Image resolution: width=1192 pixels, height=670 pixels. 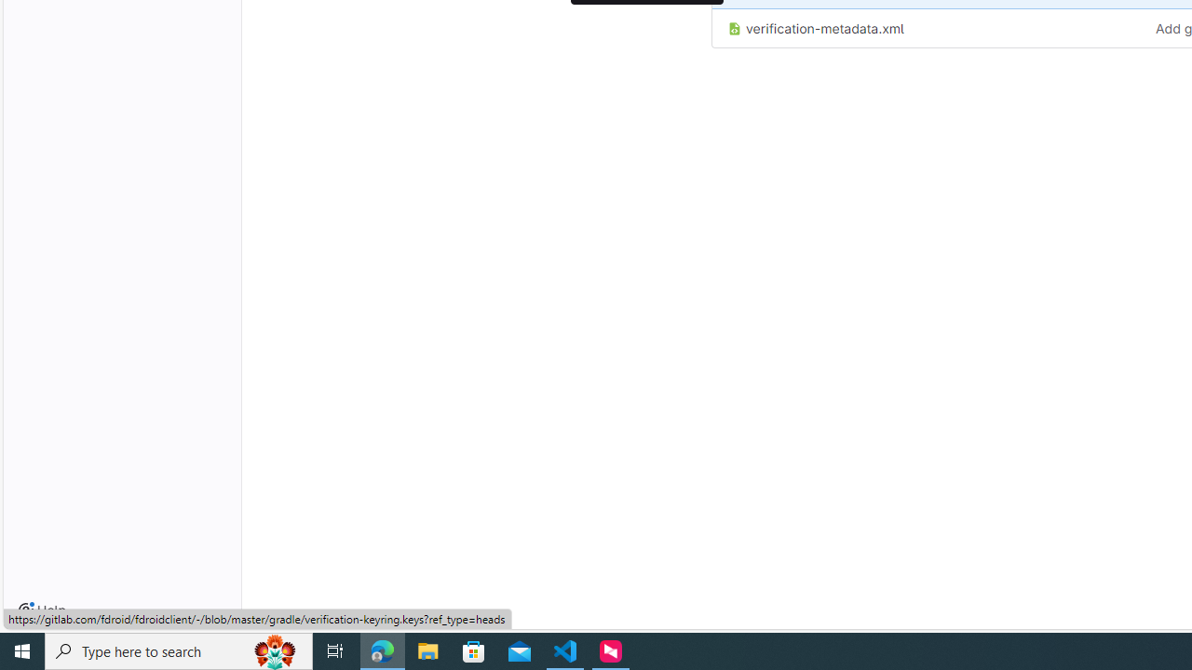 What do you see at coordinates (734, 29) in the screenshot?
I see `'Class: s16 position-relative file-icon'` at bounding box center [734, 29].